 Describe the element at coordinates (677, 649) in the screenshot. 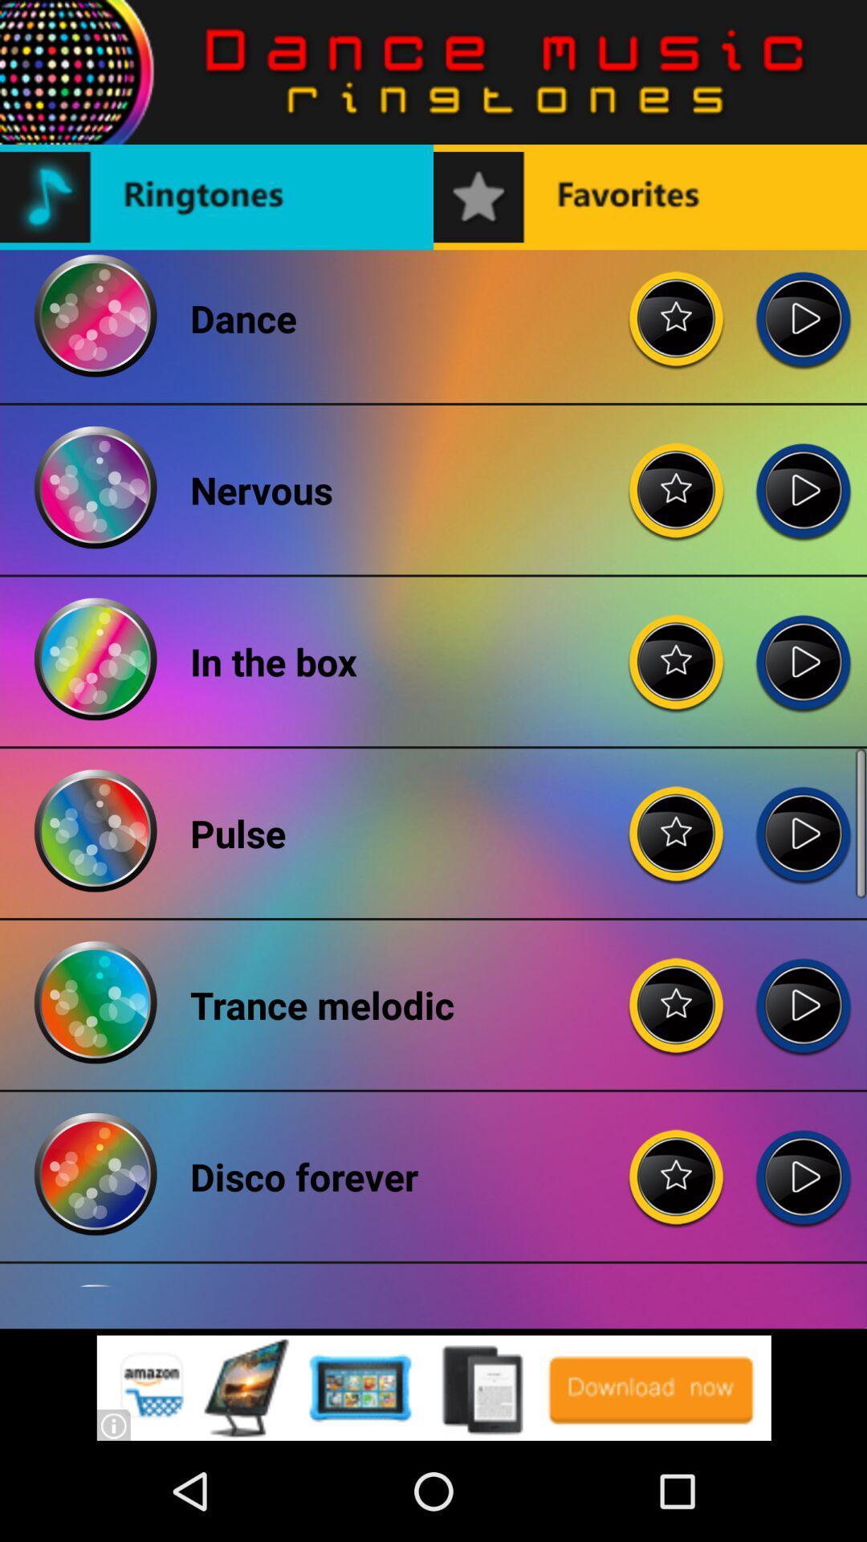

I see `favorite option` at that location.